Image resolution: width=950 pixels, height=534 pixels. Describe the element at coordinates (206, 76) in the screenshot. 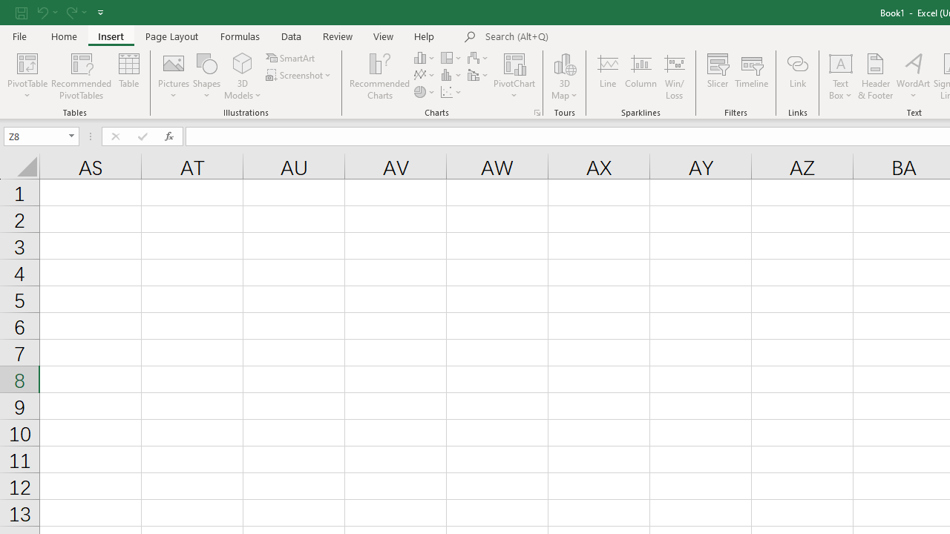

I see `'Shapes'` at that location.